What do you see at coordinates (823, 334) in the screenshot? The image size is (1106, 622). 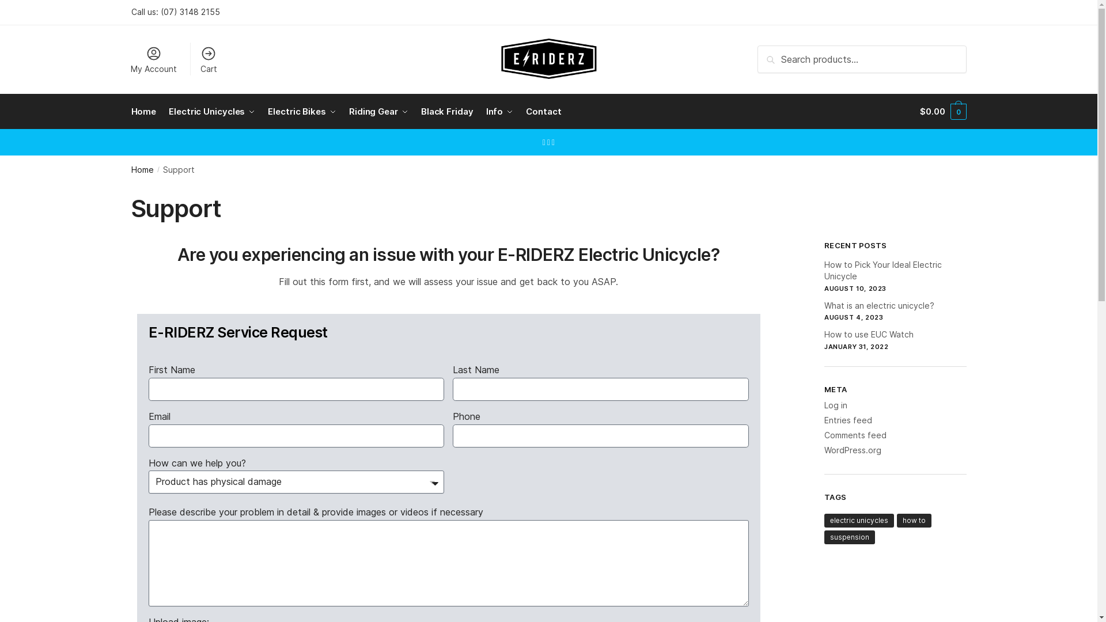 I see `'How to use EUC Watch'` at bounding box center [823, 334].